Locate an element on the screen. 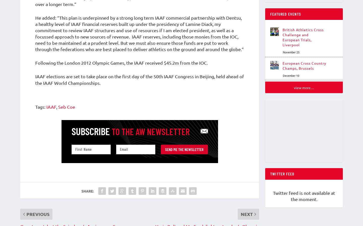 Image resolution: width=363 pixels, height=226 pixels. 'View More…' is located at coordinates (304, 90).